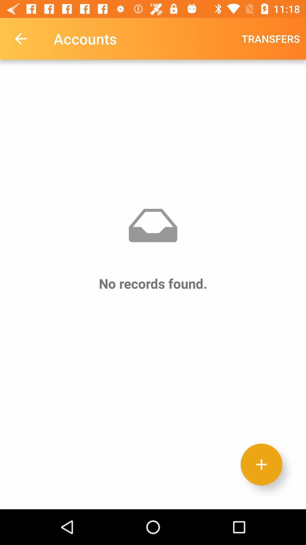 This screenshot has height=545, width=306. What do you see at coordinates (261, 464) in the screenshot?
I see `account` at bounding box center [261, 464].